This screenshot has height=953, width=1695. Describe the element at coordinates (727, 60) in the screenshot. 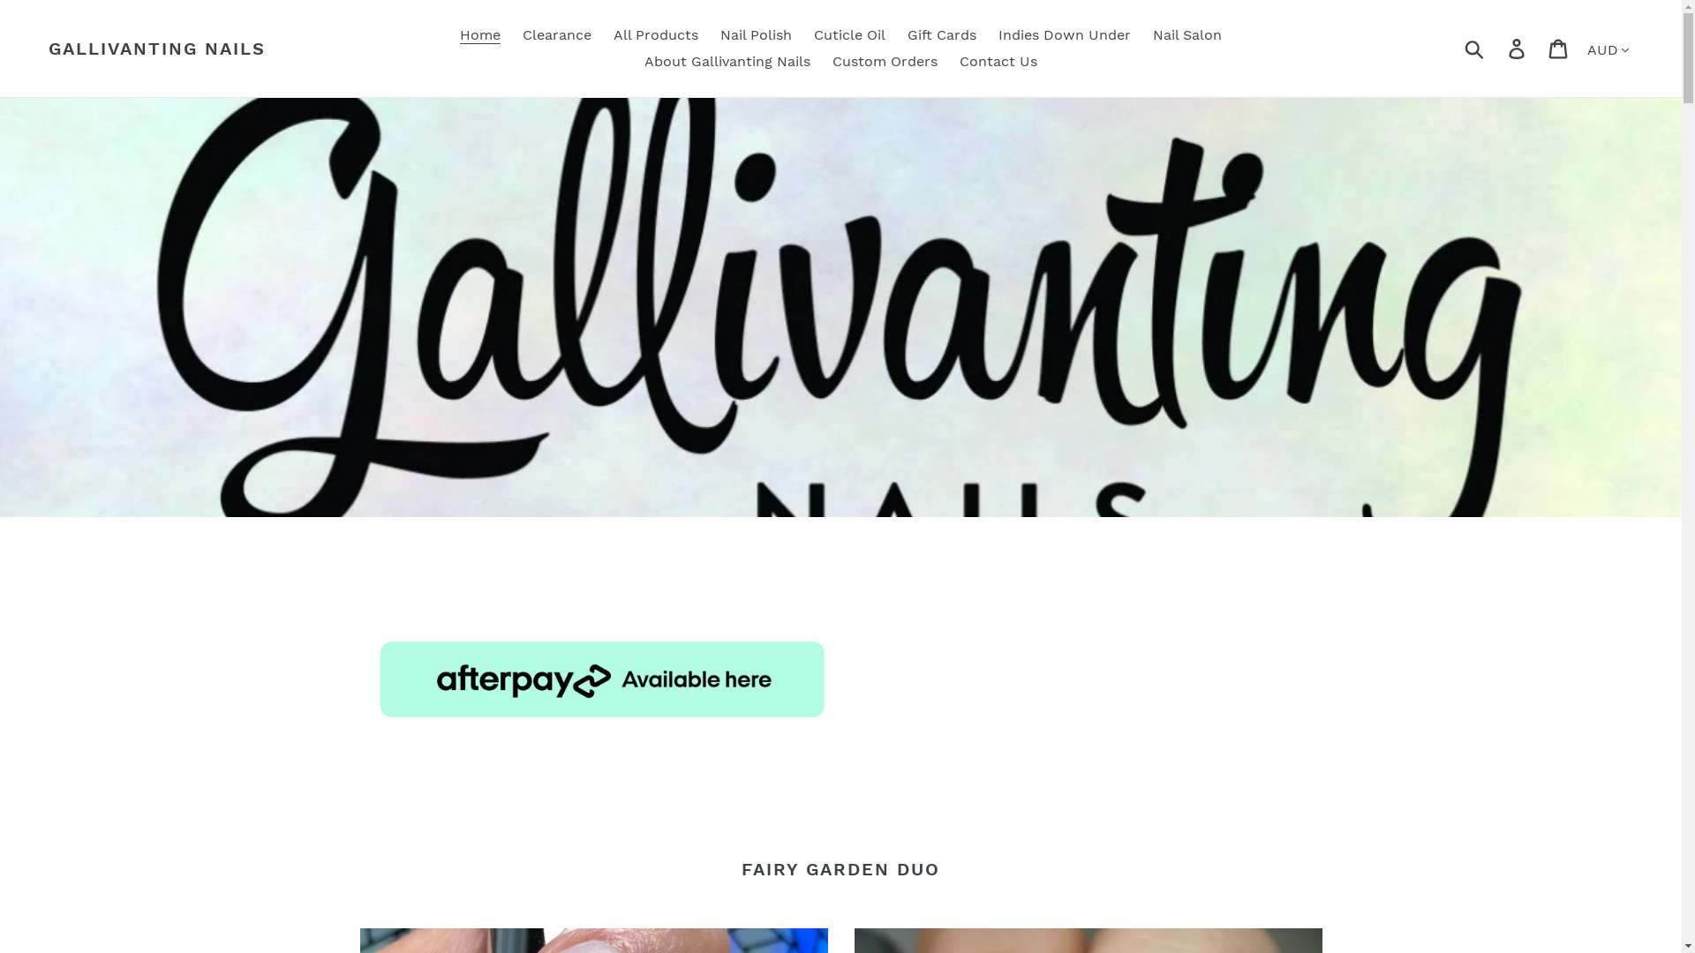

I see `'About Gallivanting Nails'` at that location.